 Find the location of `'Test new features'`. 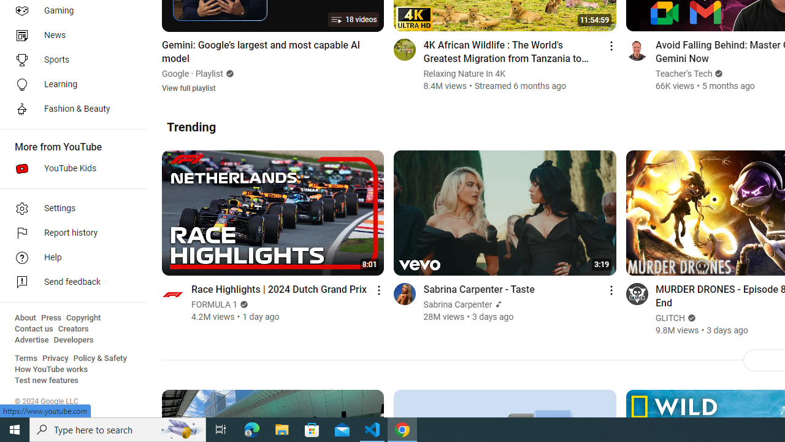

'Test new features' is located at coordinates (47, 380).